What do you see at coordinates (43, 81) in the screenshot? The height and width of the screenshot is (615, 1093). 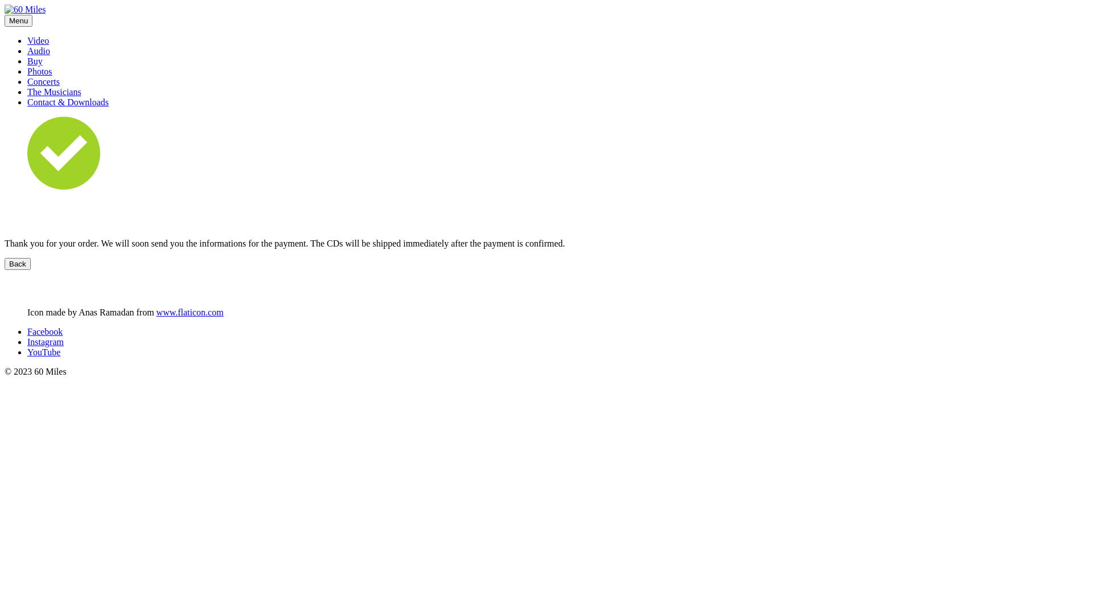 I see `'Concerts'` at bounding box center [43, 81].